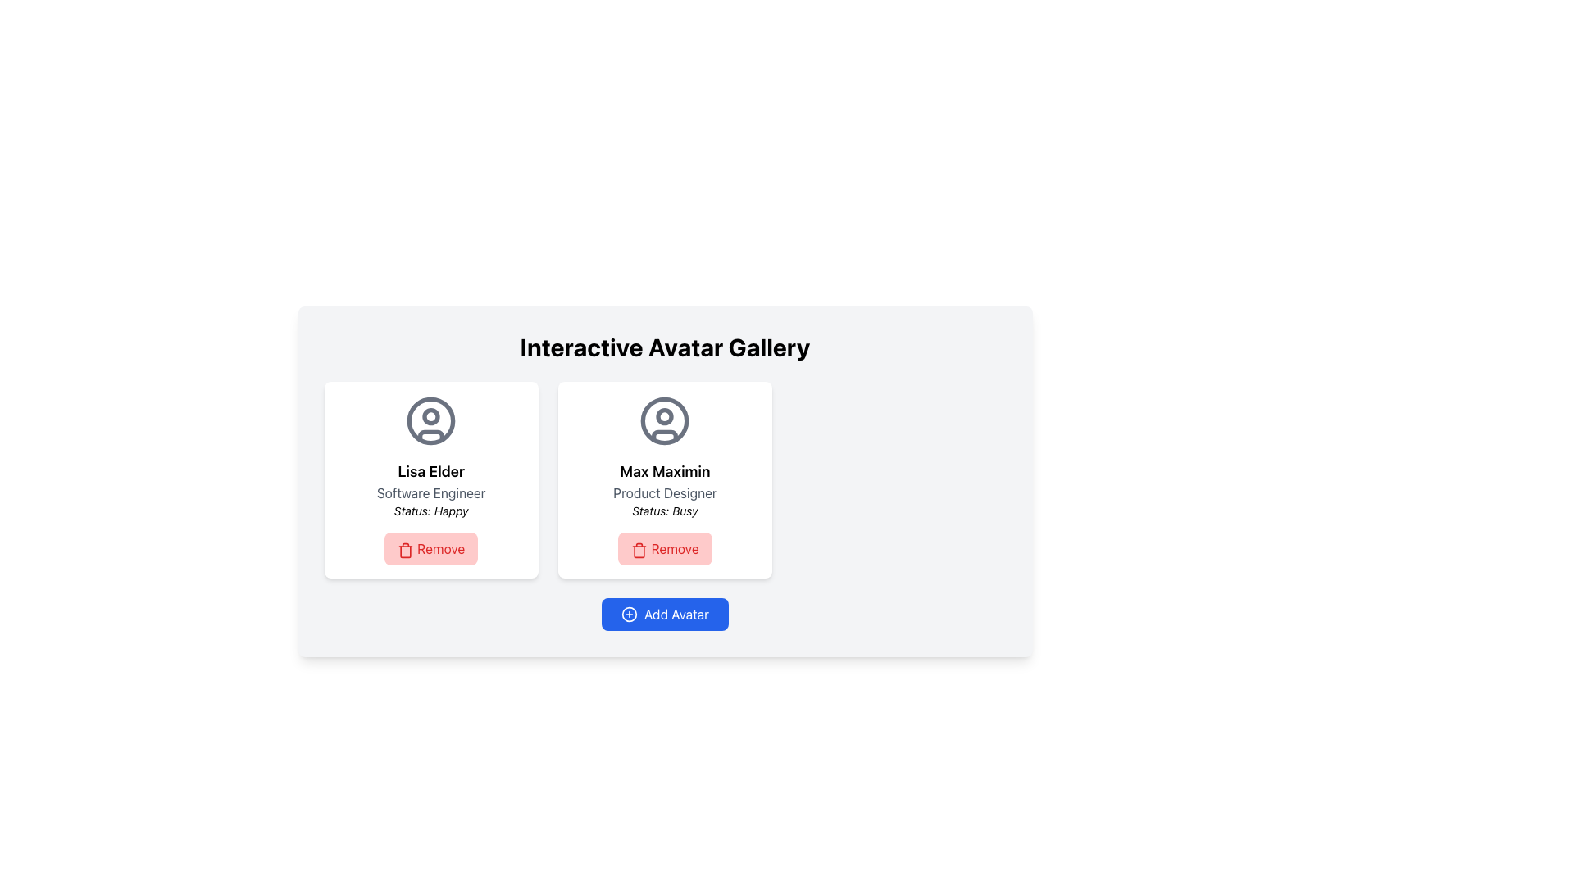 The height and width of the screenshot is (885, 1574). What do you see at coordinates (431, 549) in the screenshot?
I see `the 'Remove' button with a red background and trash can icon located below the 'Status: Happy' line for the individual 'Lisa Elder'` at bounding box center [431, 549].